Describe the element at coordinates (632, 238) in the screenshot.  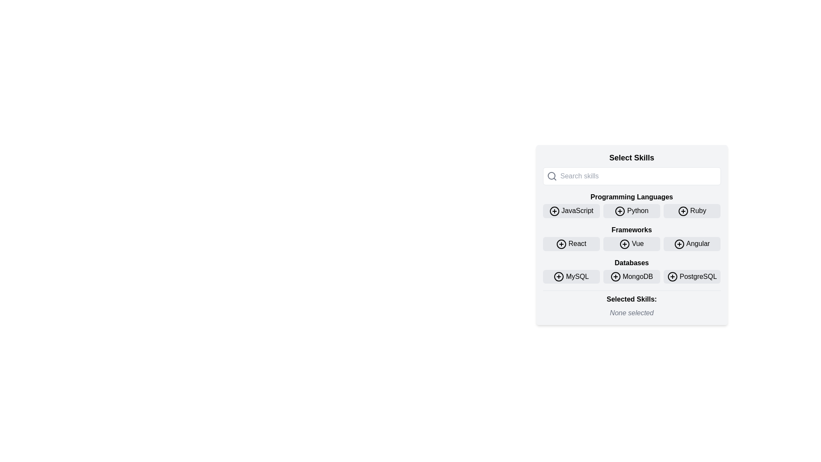
I see `labels for navigation in the categorized grid of selectable buttons located in the 'Frameworks' section, which is positioned in the second column below 'Programming Languages.'` at that location.